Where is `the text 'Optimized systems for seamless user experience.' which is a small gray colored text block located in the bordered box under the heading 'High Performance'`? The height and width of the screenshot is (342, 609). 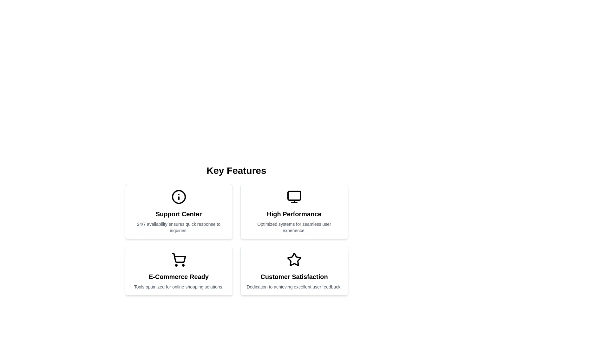 the text 'Optimized systems for seamless user experience.' which is a small gray colored text block located in the bordered box under the heading 'High Performance' is located at coordinates (294, 227).